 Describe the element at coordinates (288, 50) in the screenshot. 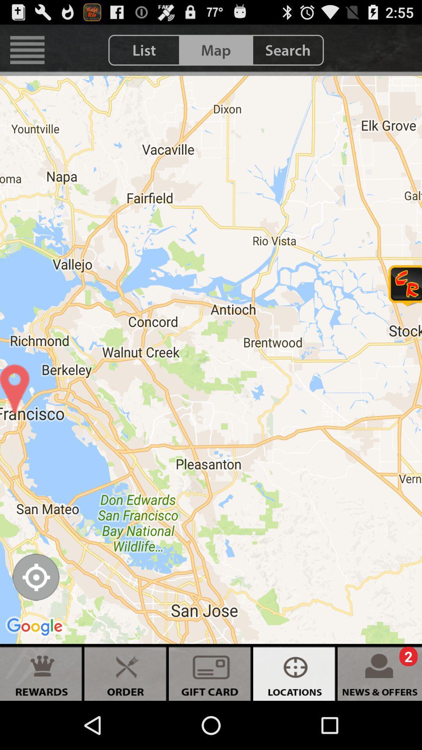

I see `search item` at that location.